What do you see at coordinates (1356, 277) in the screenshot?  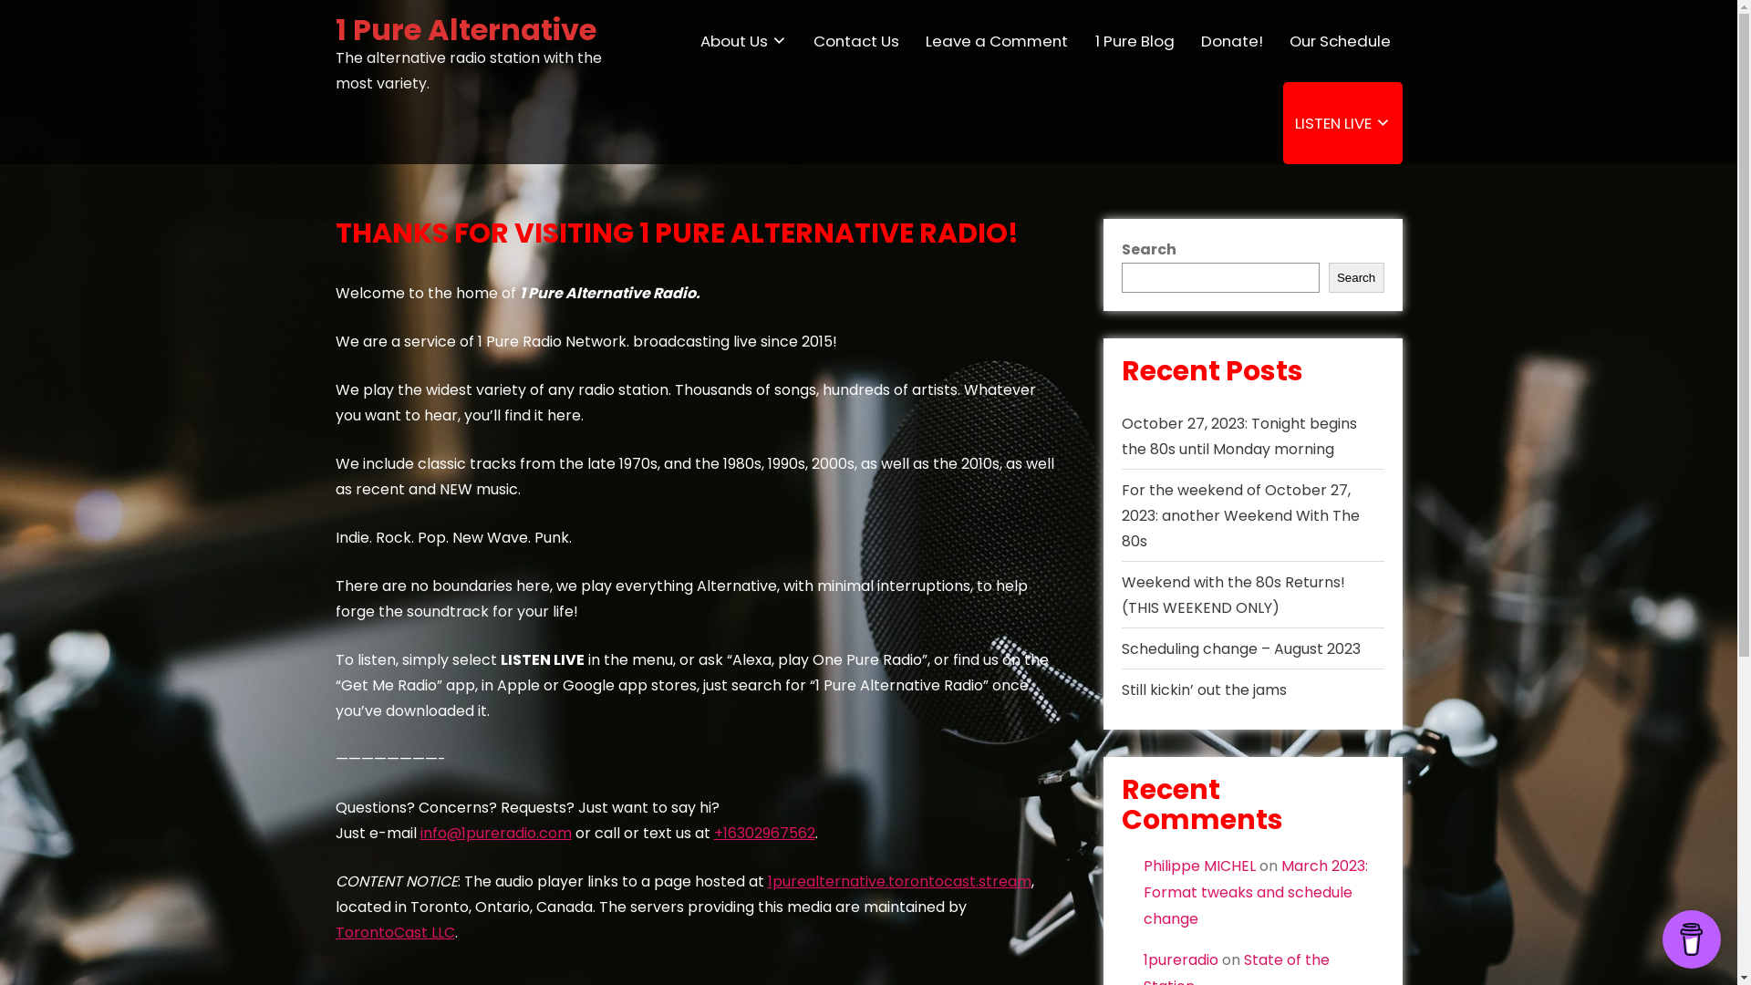 I see `'Search'` at bounding box center [1356, 277].